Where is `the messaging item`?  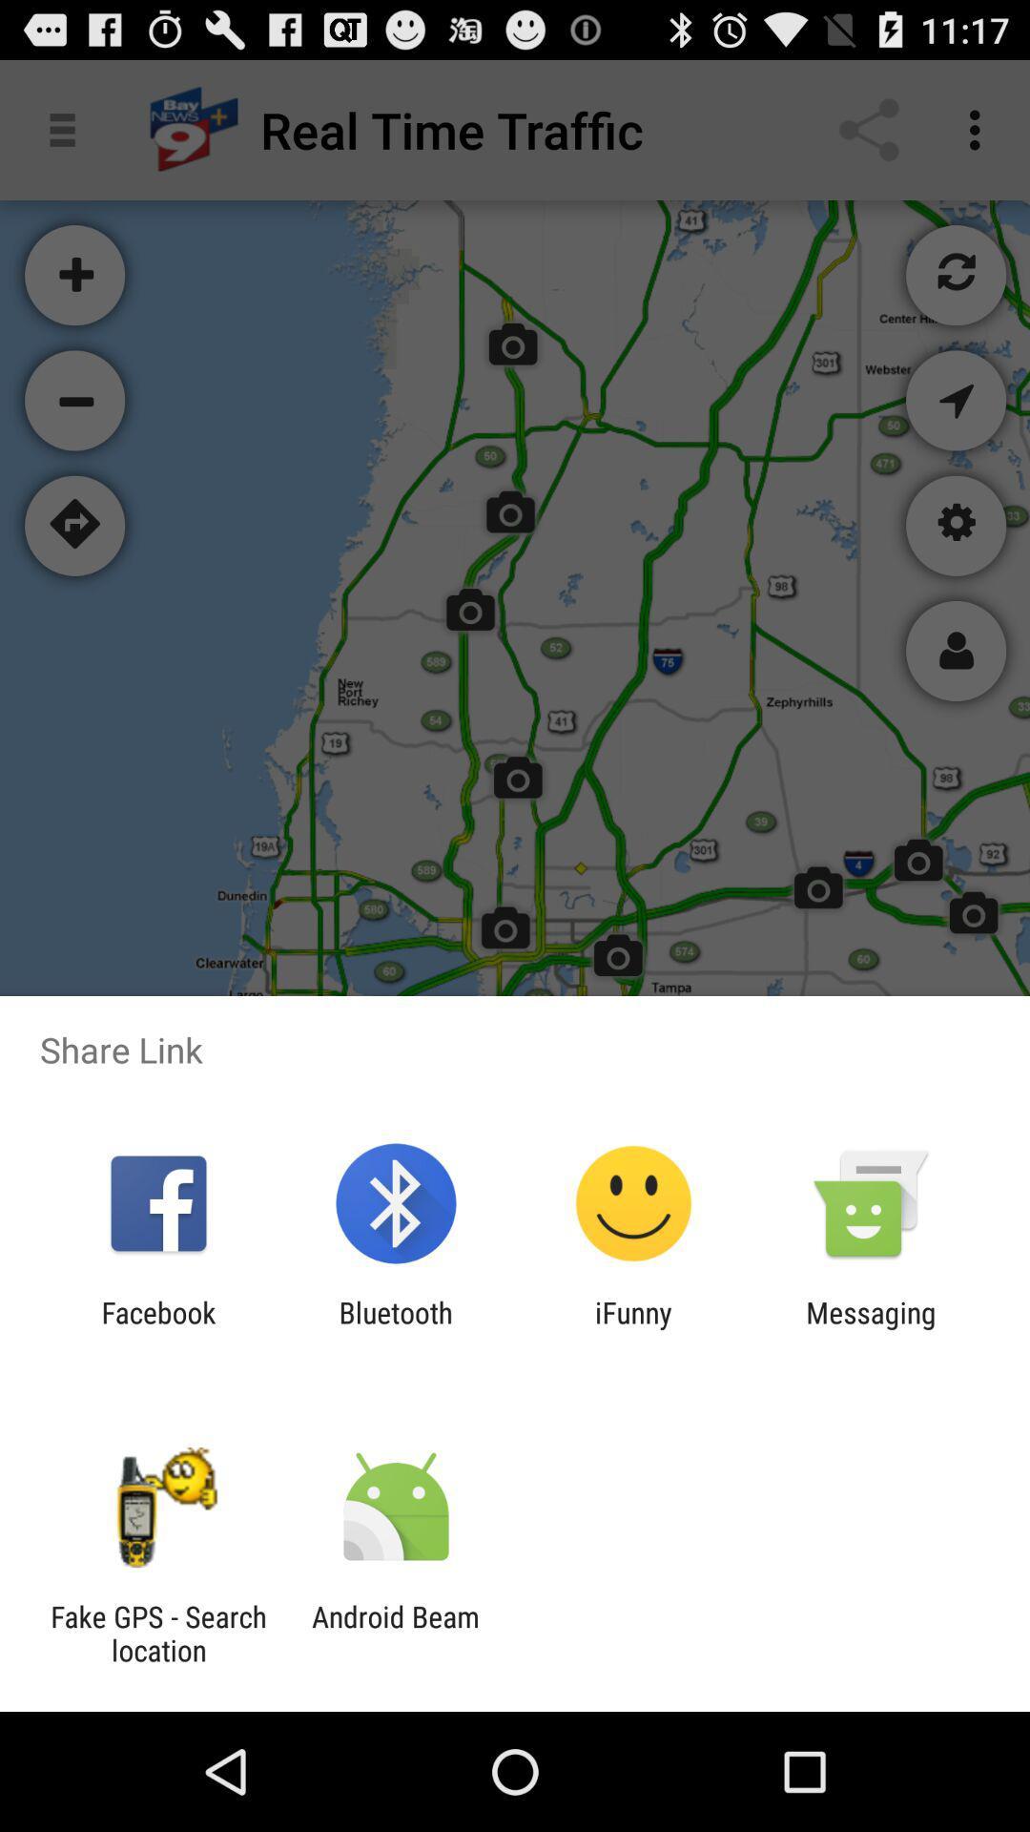
the messaging item is located at coordinates (871, 1328).